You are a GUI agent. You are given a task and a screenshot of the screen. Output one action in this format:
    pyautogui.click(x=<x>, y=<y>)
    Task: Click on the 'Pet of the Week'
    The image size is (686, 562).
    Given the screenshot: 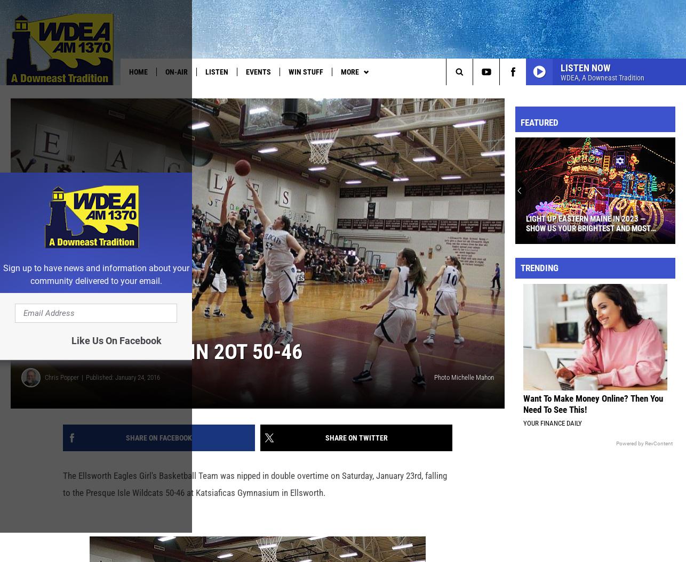 What is the action you would take?
    pyautogui.click(x=348, y=93)
    